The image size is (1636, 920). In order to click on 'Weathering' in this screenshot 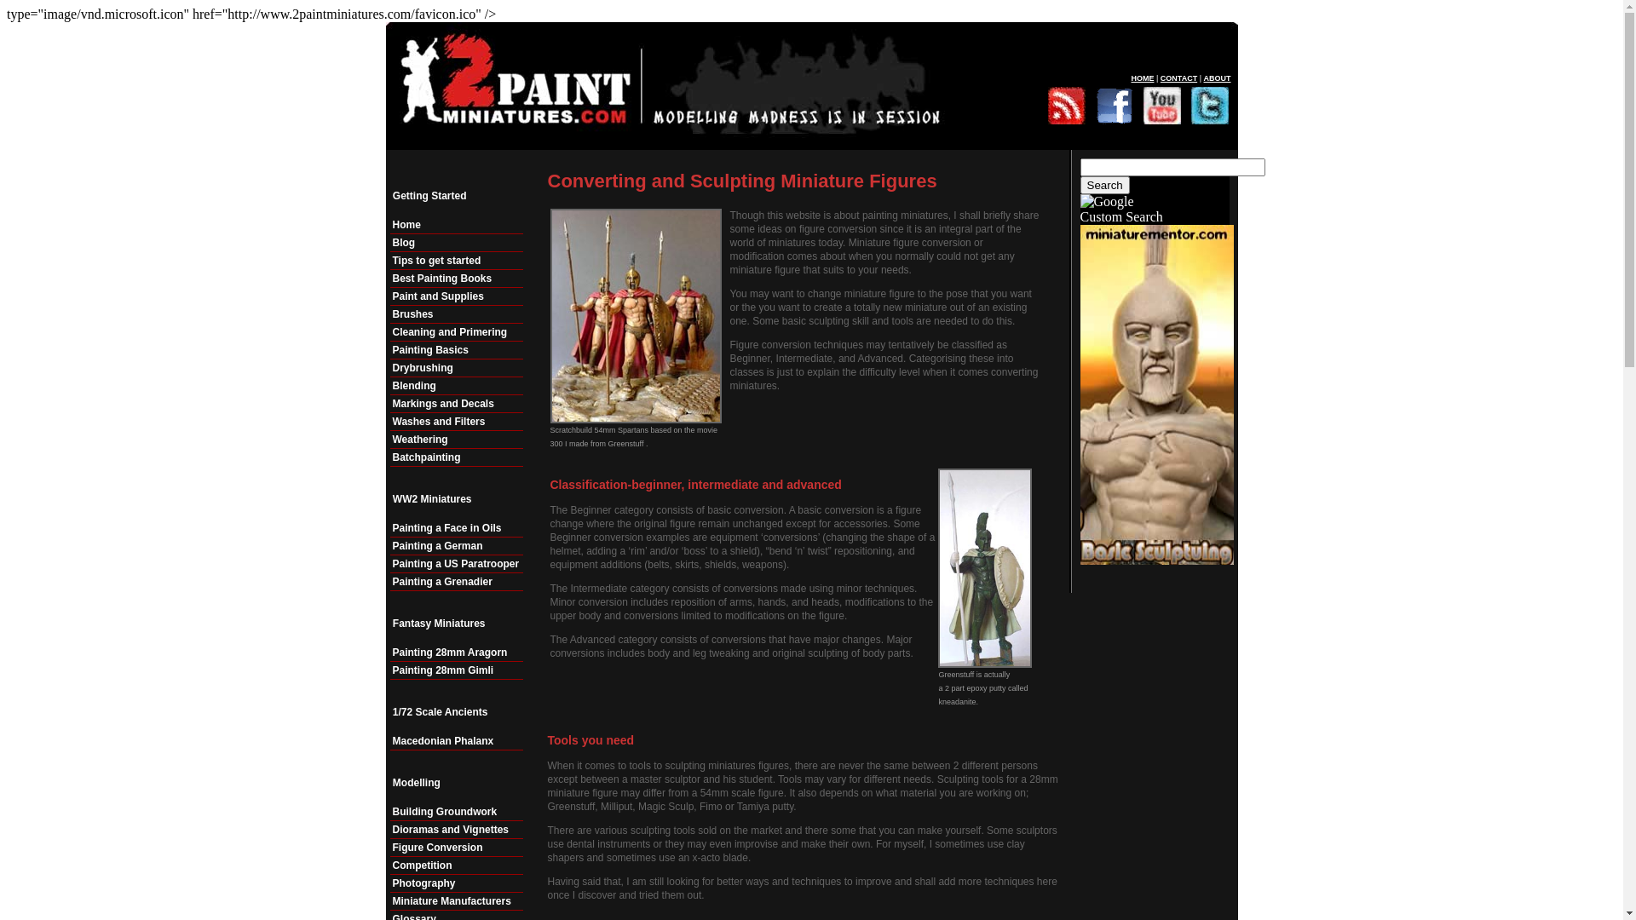, I will do `click(457, 439)`.